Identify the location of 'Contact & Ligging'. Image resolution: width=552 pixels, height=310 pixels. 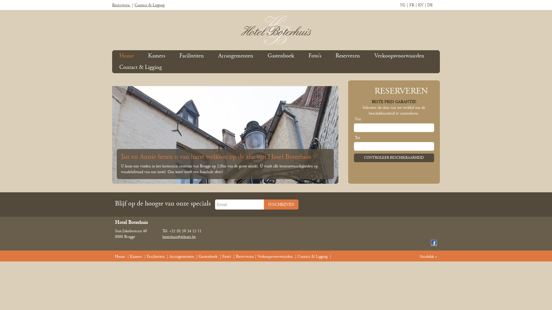
(298, 256).